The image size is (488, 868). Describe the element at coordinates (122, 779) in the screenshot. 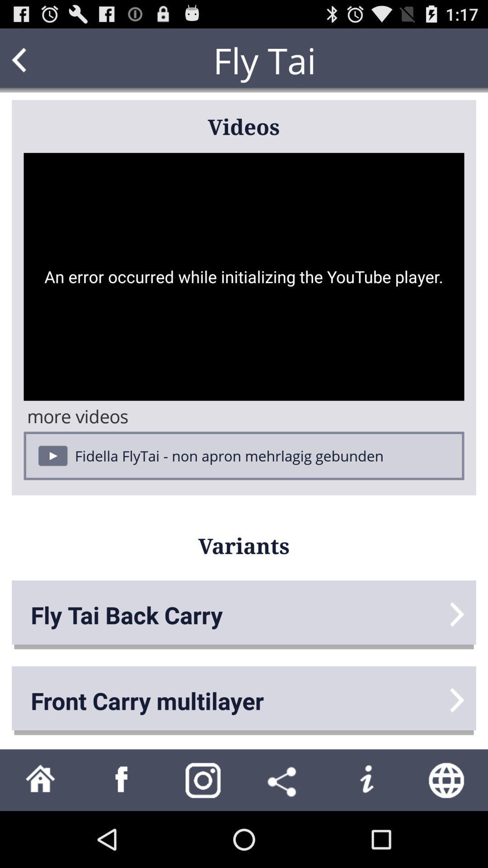

I see `facebook navigation button` at that location.